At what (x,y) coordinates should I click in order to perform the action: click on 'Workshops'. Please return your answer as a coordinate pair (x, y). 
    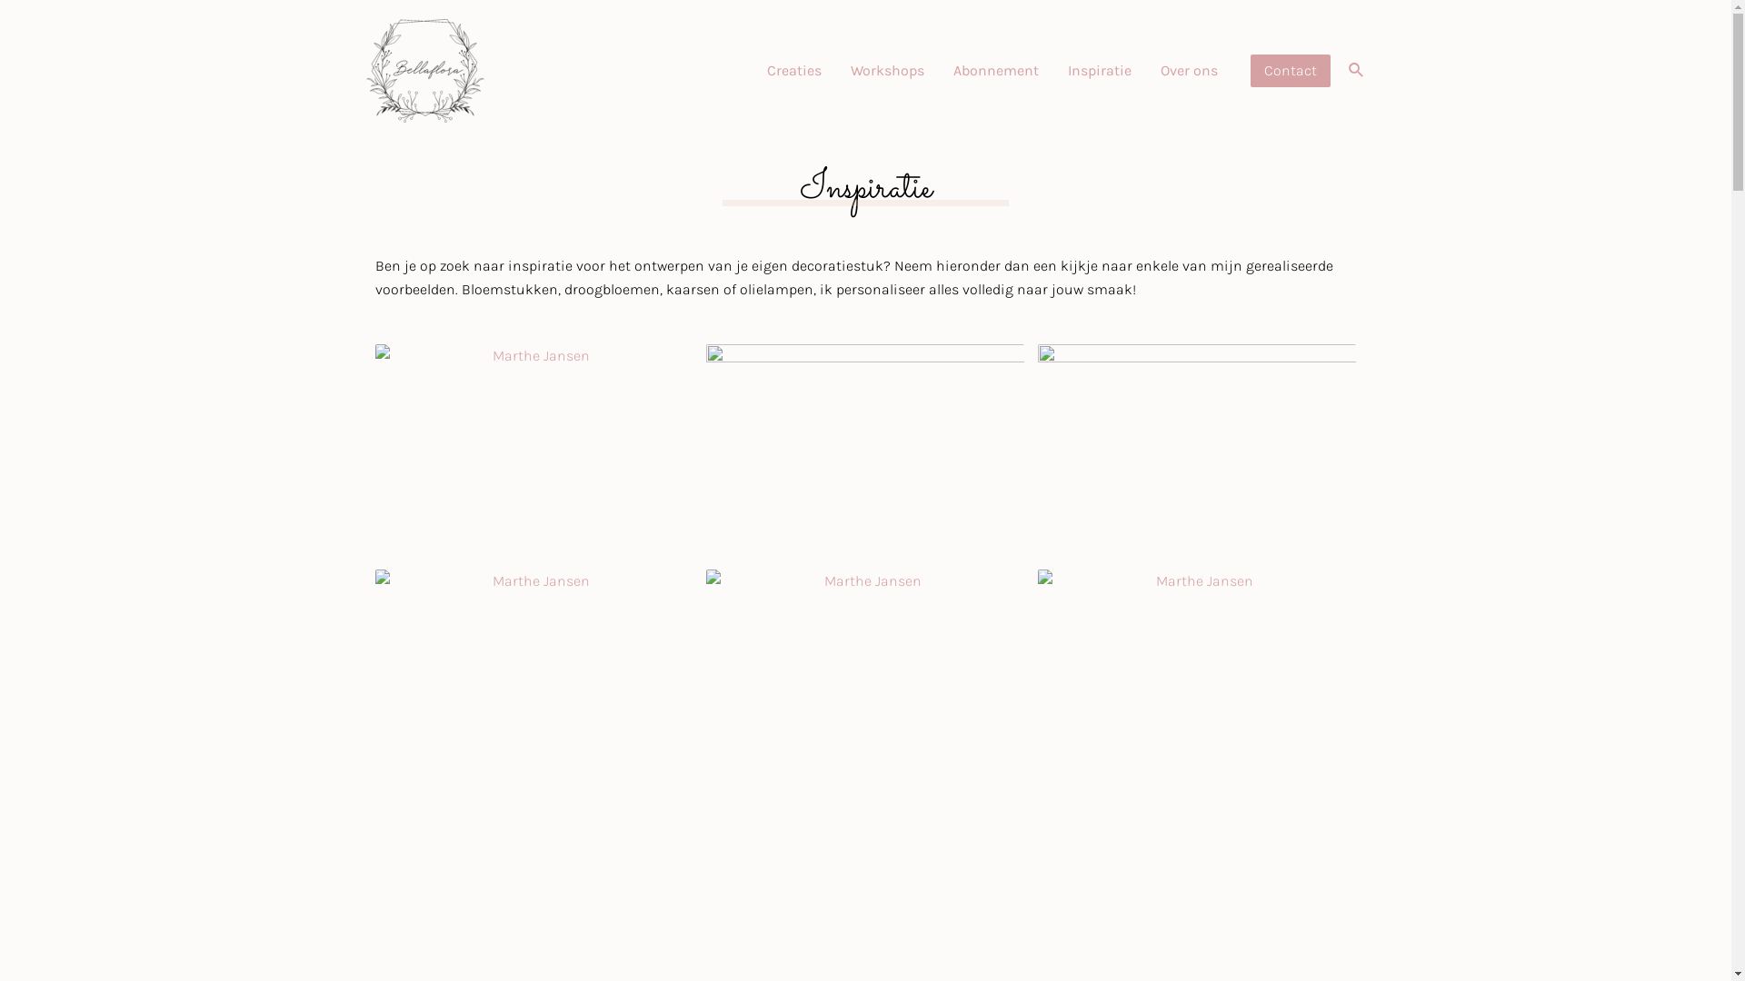
    Looking at the image, I should click on (887, 69).